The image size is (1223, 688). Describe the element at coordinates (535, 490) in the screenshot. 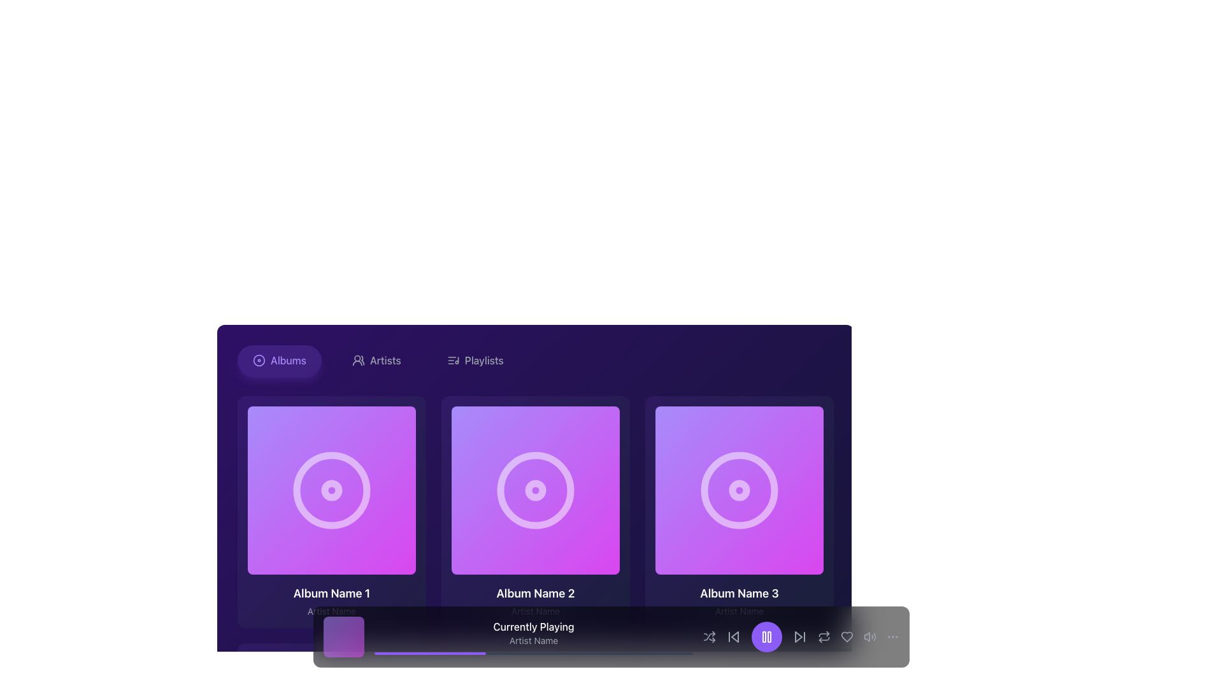

I see `the interactive visual album preview component with a gradient background and a play icon in the center to play or open the album` at that location.